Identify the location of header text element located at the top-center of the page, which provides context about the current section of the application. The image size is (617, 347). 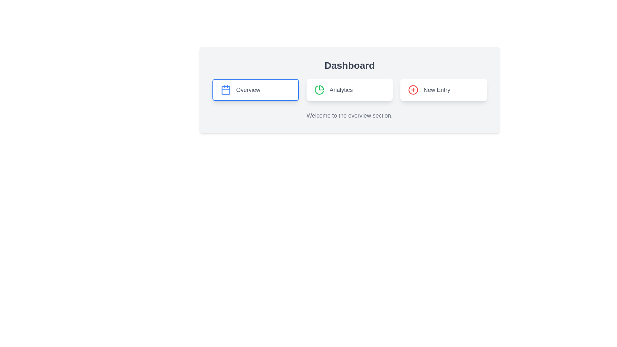
(349, 66).